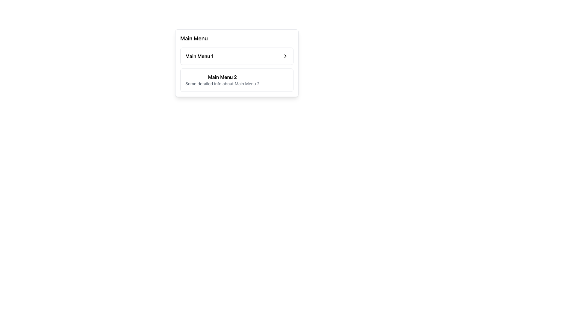 The height and width of the screenshot is (323, 575). Describe the element at coordinates (222, 77) in the screenshot. I see `the text label displaying 'Main Menu 2', which is a bold, larger font title located in the second menu item under 'Main Menu'` at that location.